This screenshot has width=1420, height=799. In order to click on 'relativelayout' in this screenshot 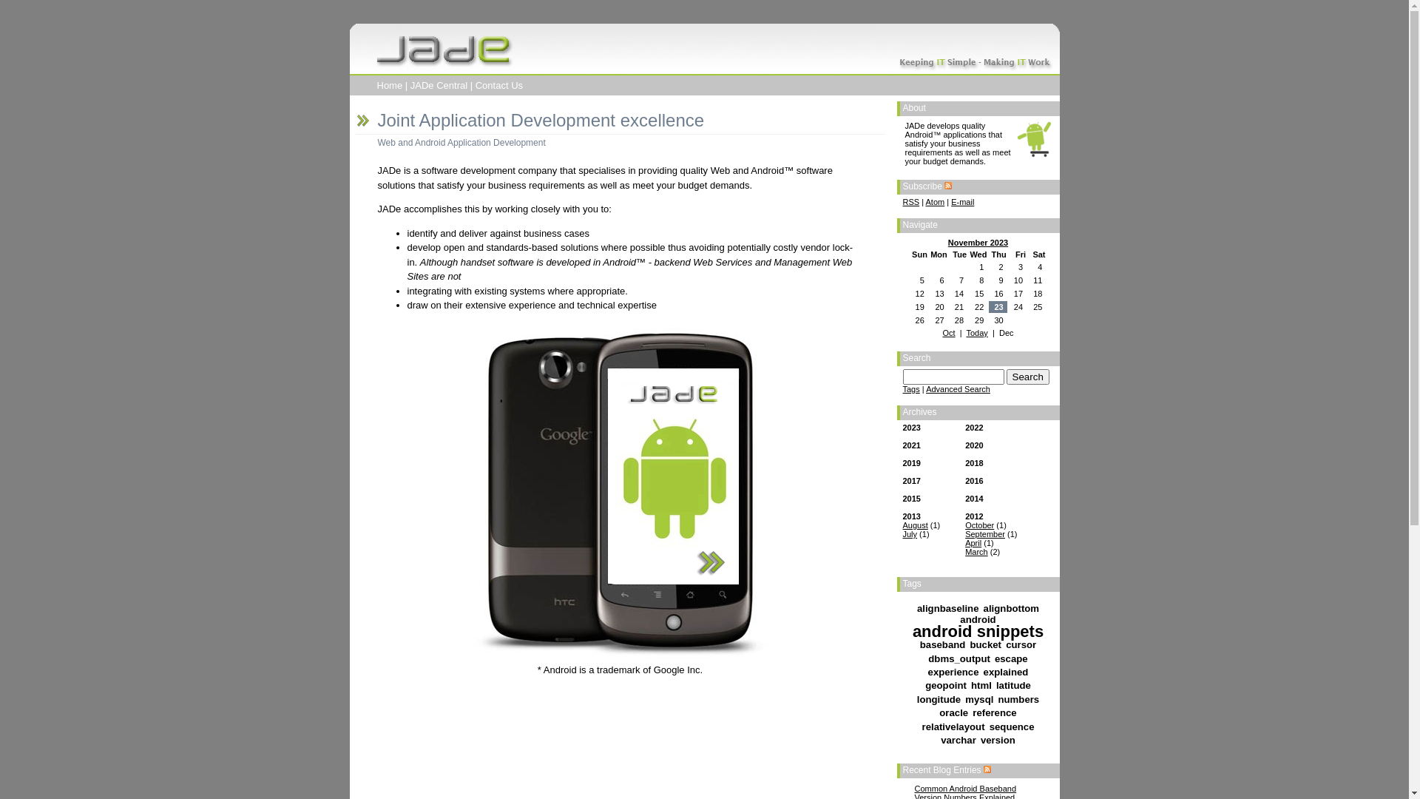, I will do `click(953, 726)`.